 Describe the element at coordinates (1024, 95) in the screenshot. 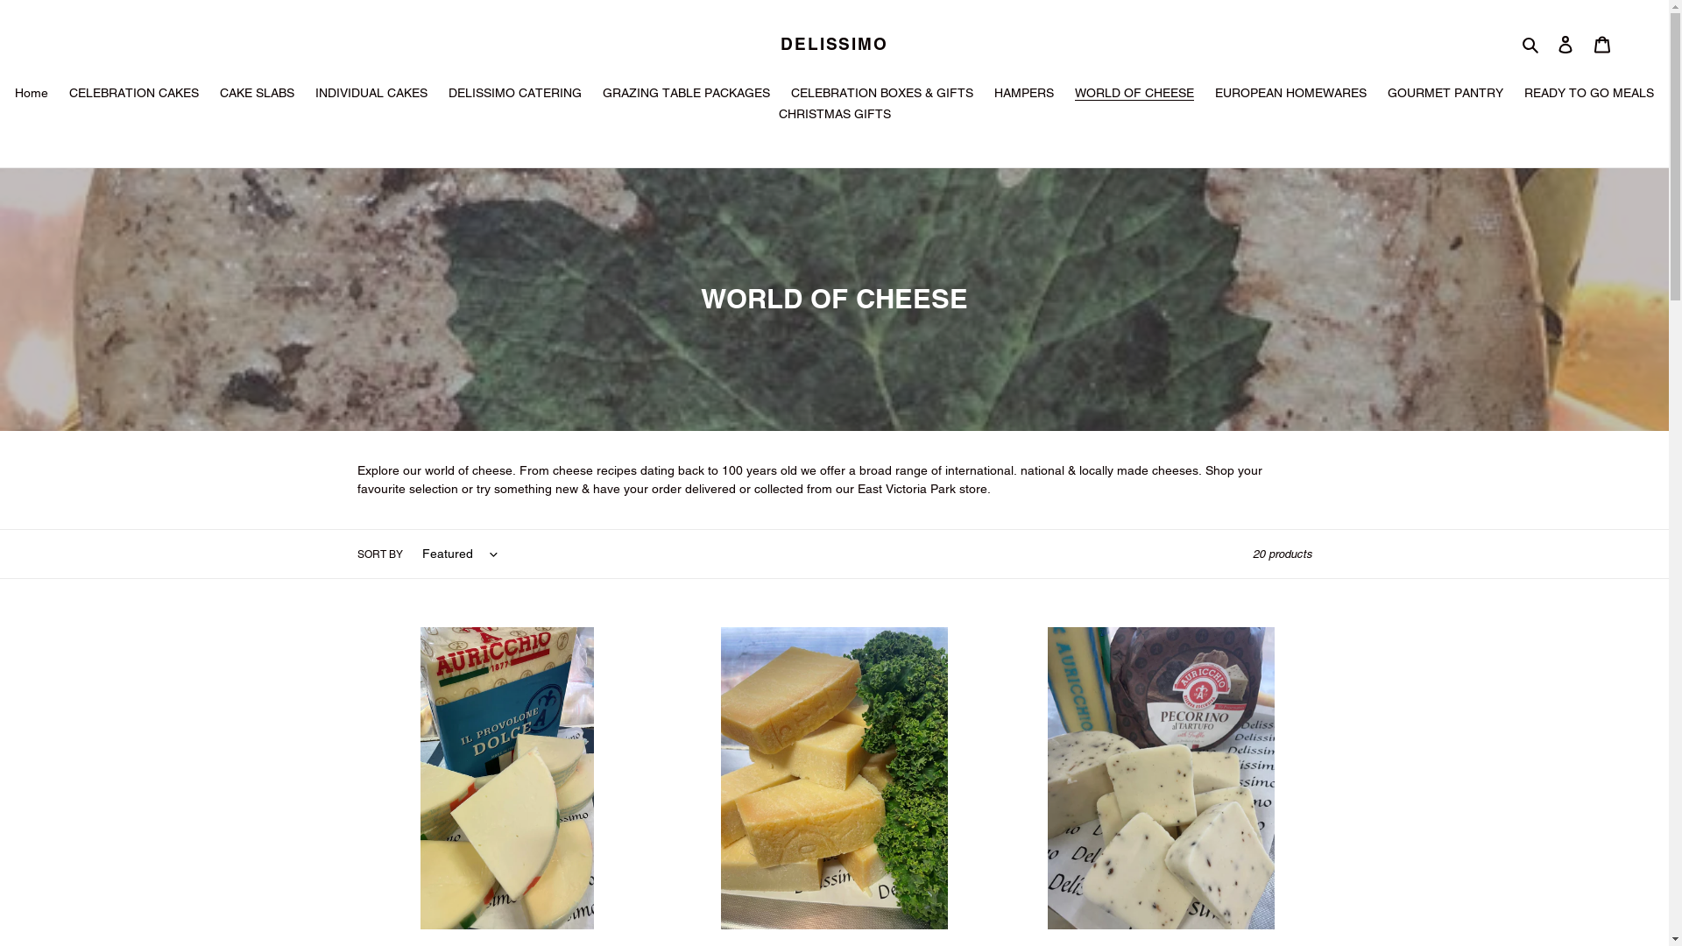

I see `'HAMPERS'` at that location.